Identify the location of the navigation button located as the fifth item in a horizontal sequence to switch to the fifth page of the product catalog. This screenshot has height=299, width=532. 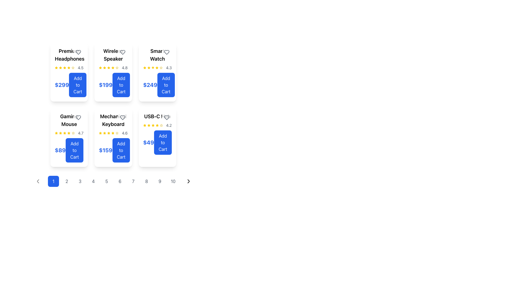
(106, 181).